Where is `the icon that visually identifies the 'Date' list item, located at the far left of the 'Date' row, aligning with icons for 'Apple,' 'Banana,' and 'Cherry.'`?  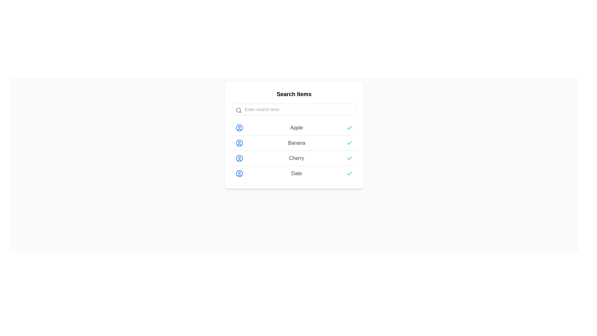
the icon that visually identifies the 'Date' list item, located at the far left of the 'Date' row, aligning with icons for 'Apple,' 'Banana,' and 'Cherry.' is located at coordinates (239, 174).